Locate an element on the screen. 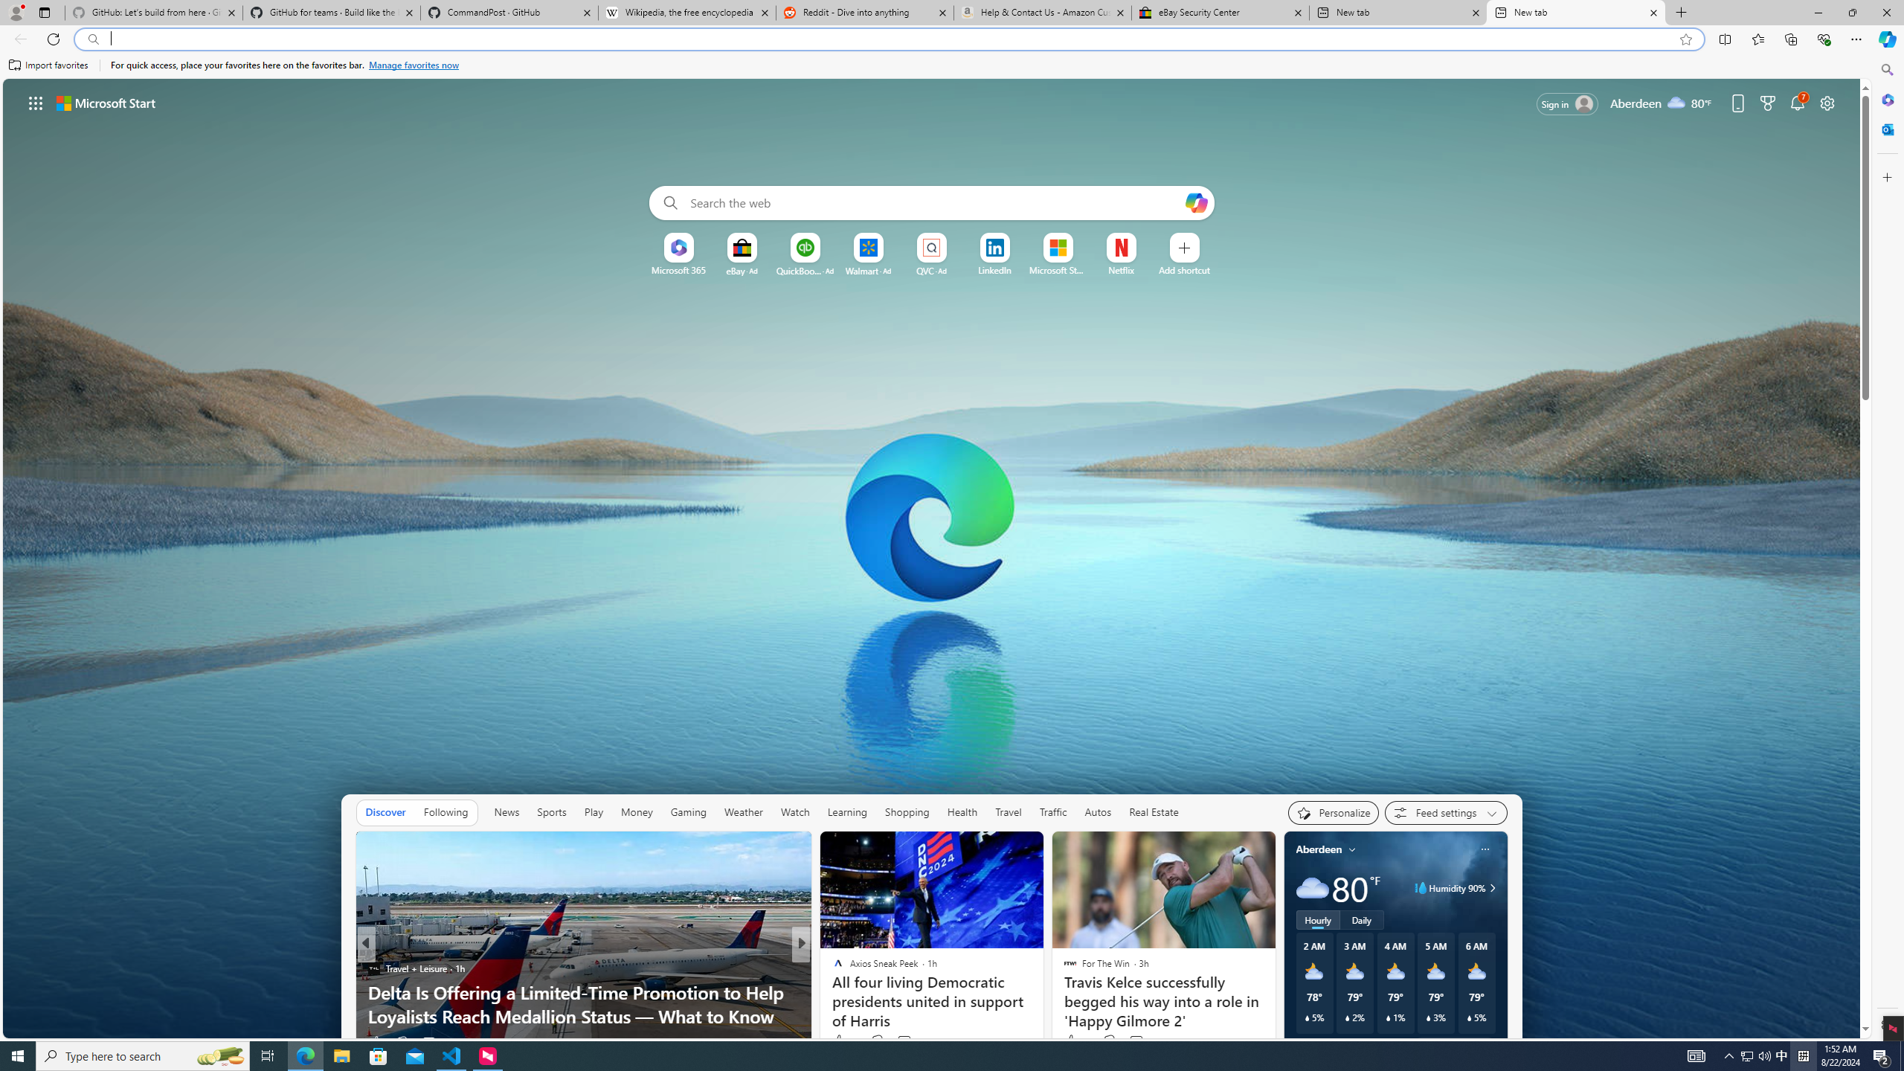  'View comments 31 Comment' is located at coordinates (904, 1042).